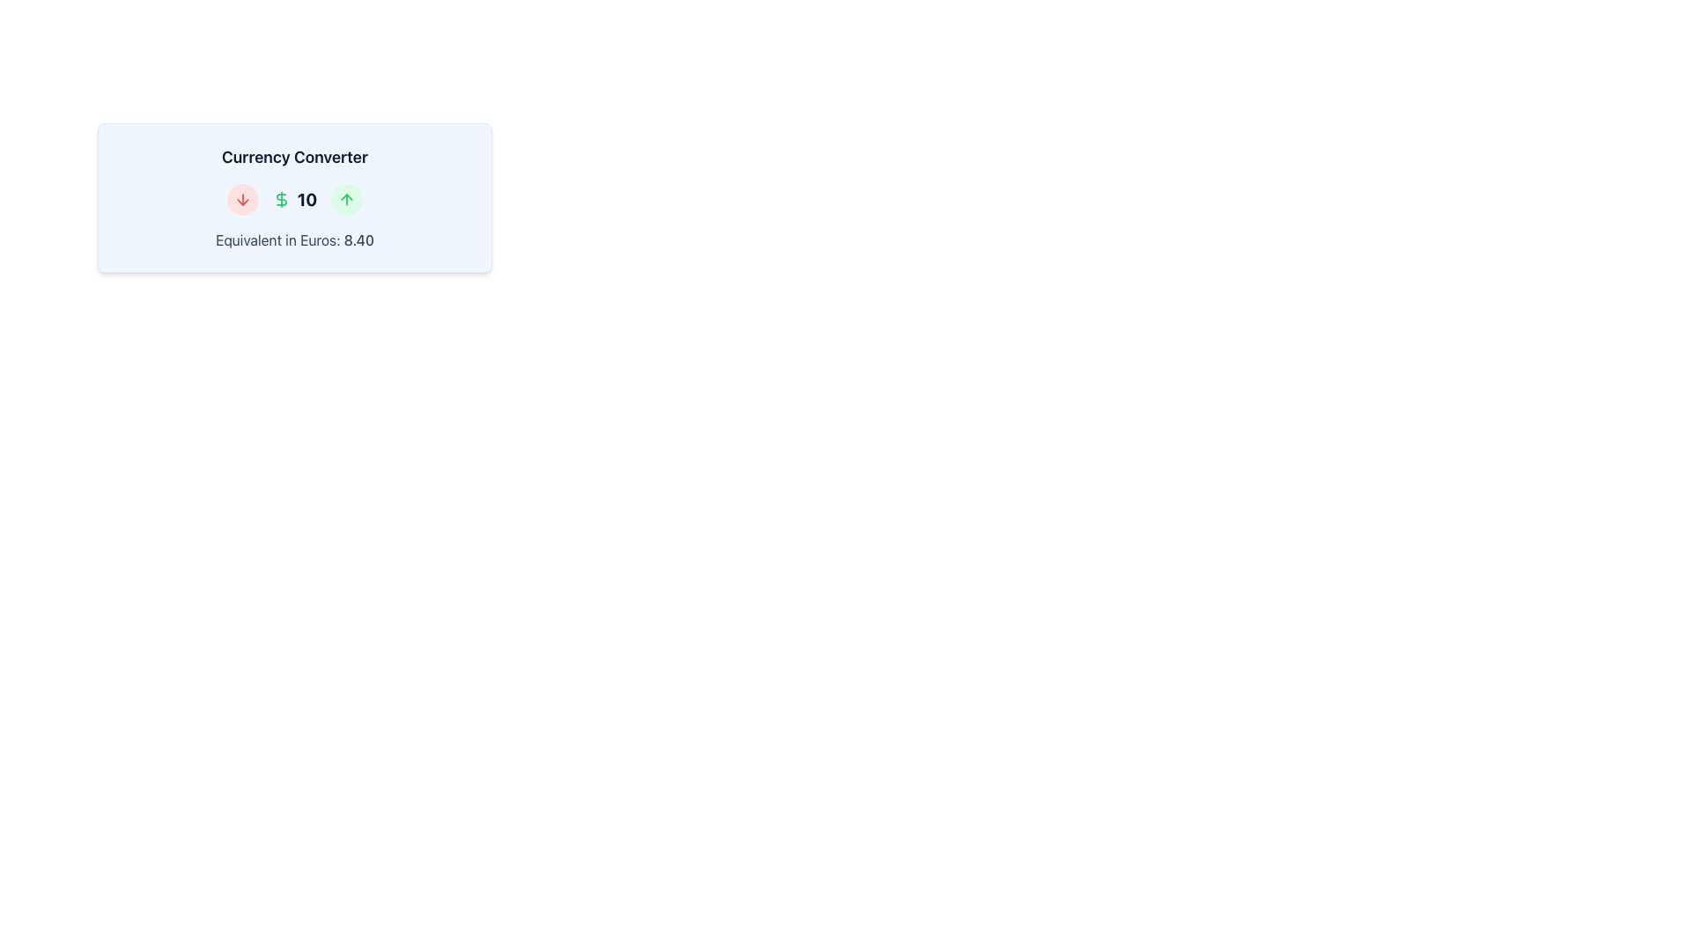  I want to click on the static text label displaying 'Equivalent in Euros: 8.40', which is styled in gray and located below the 'Currency Converter' heading, so click(295, 240).